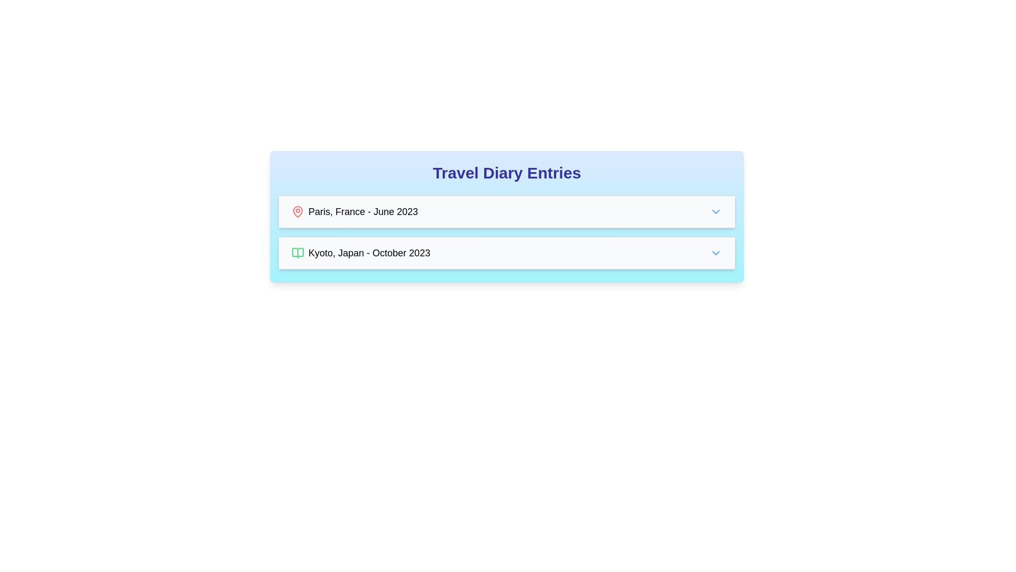  Describe the element at coordinates (297, 253) in the screenshot. I see `the open book icon located at the lower left of the journal entry titled 'Kyoto, Japan - October 2023.'` at that location.